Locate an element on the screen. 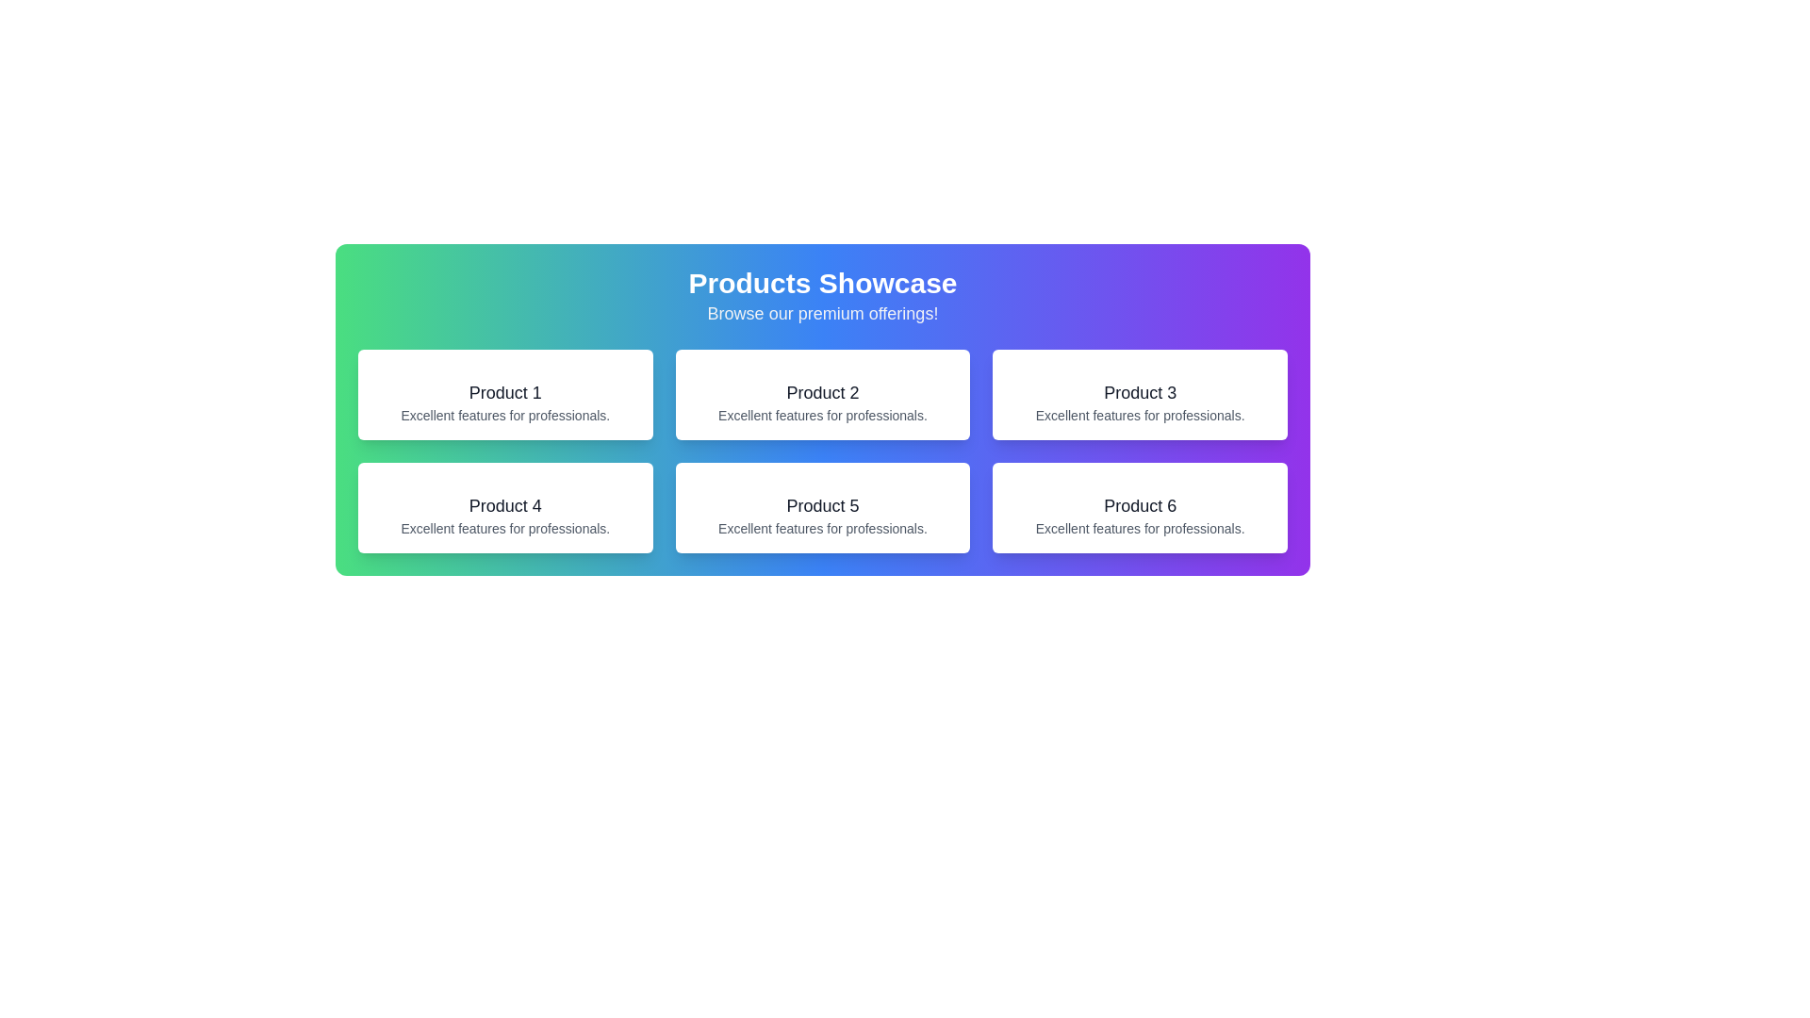 The height and width of the screenshot is (1018, 1810). the static text located under the title 'Product 1' in the first product card is located at coordinates (505, 414).